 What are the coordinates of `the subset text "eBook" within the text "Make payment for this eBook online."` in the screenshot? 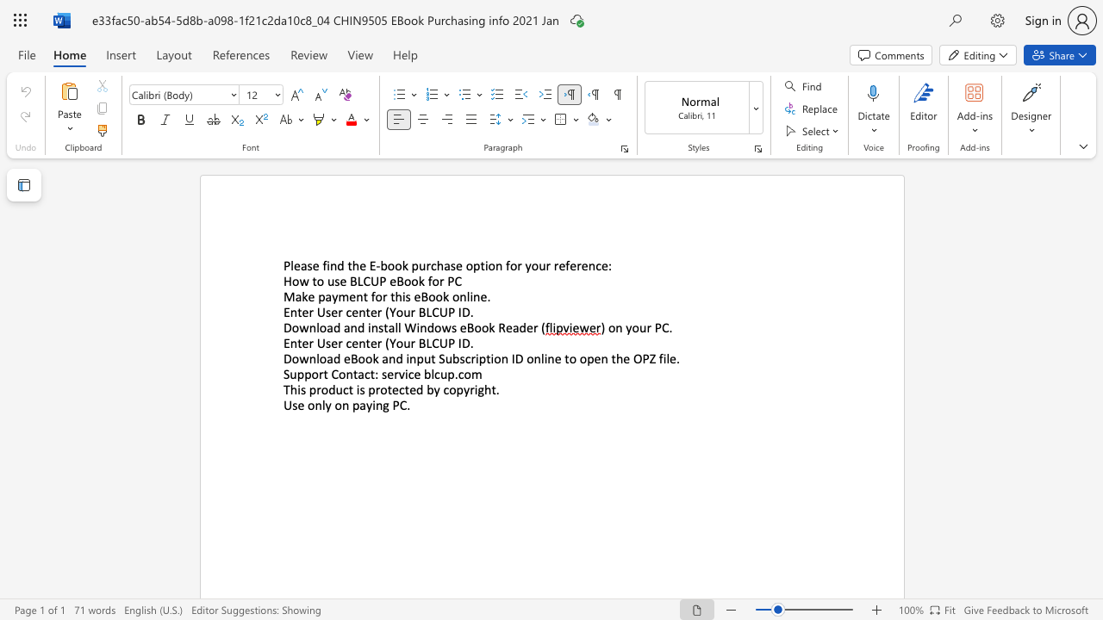 It's located at (414, 295).